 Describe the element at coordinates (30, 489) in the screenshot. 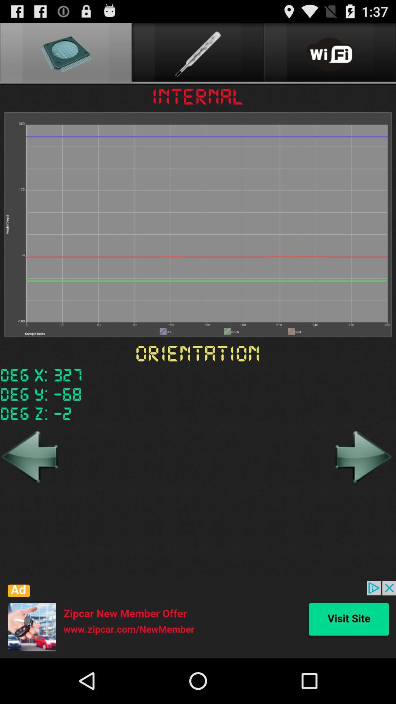

I see `the arrow_backward icon` at that location.